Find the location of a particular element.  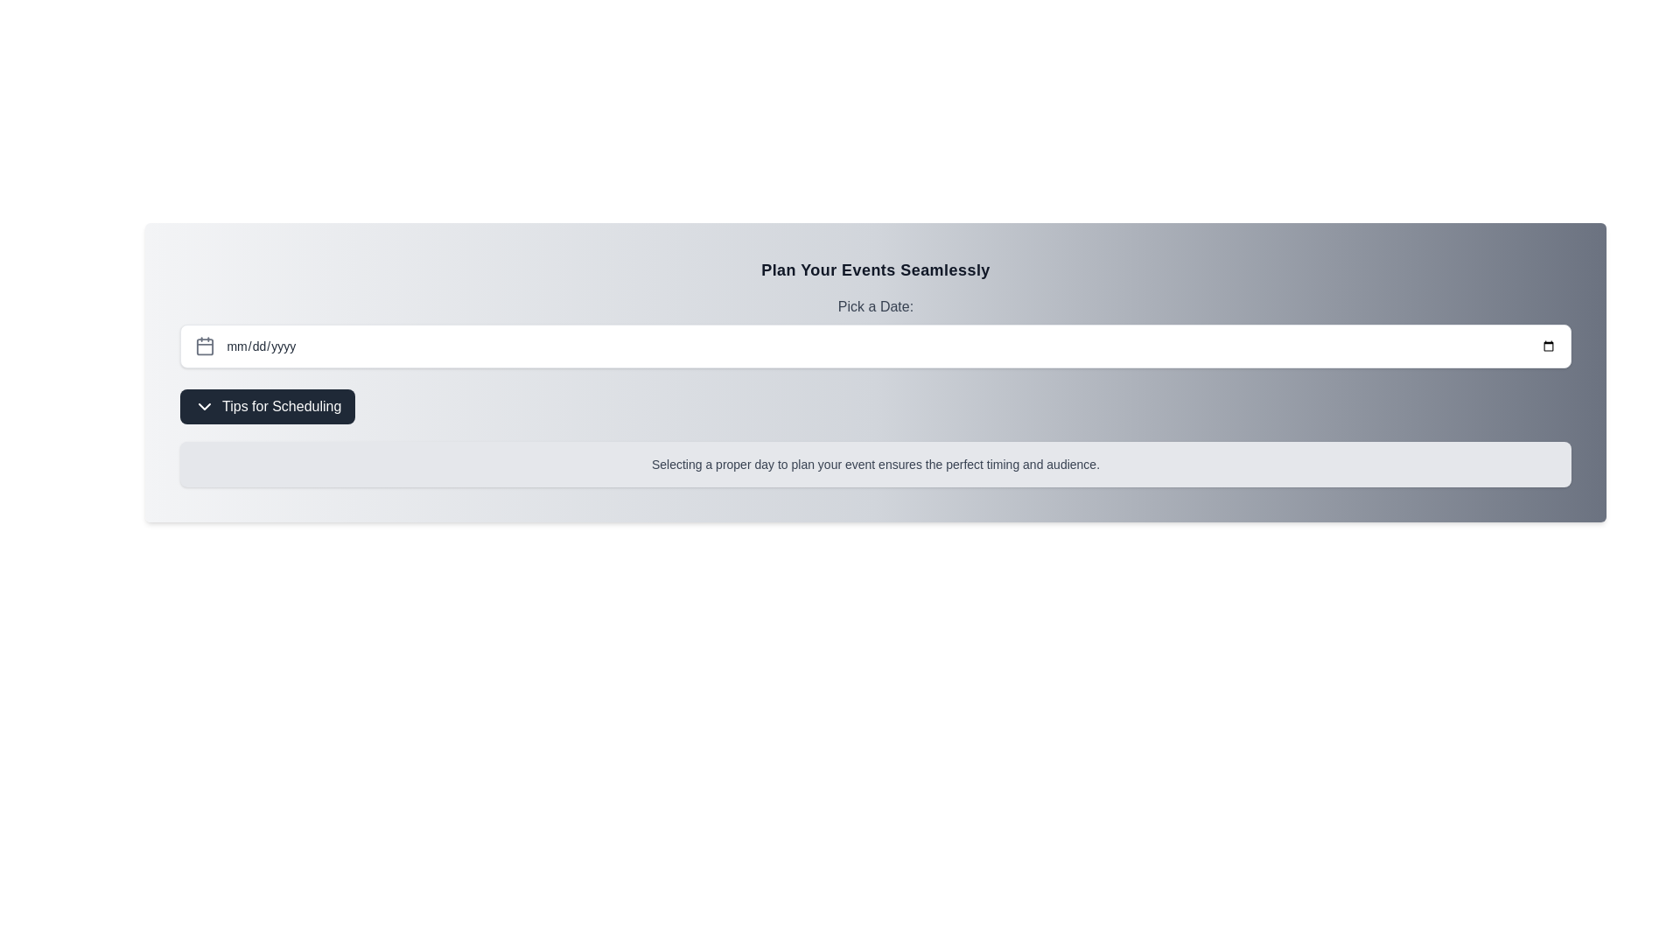

the text element styled in gray color within a rounded gray box located below 'Tips for Scheduling' is located at coordinates (876, 464).